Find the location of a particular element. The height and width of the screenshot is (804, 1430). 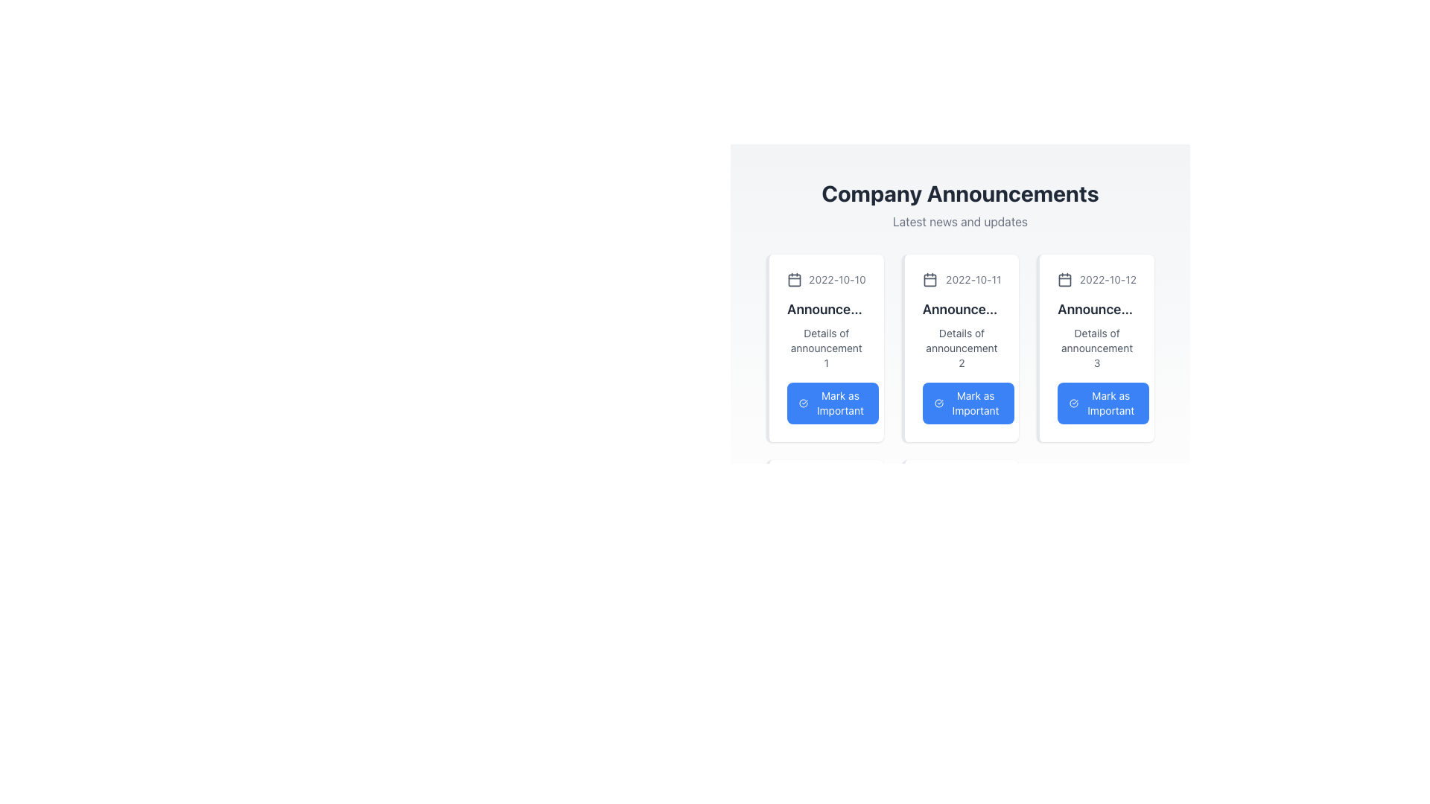

the button located at the bottom of the middle card in a three-card grid layout is located at coordinates (968, 403).